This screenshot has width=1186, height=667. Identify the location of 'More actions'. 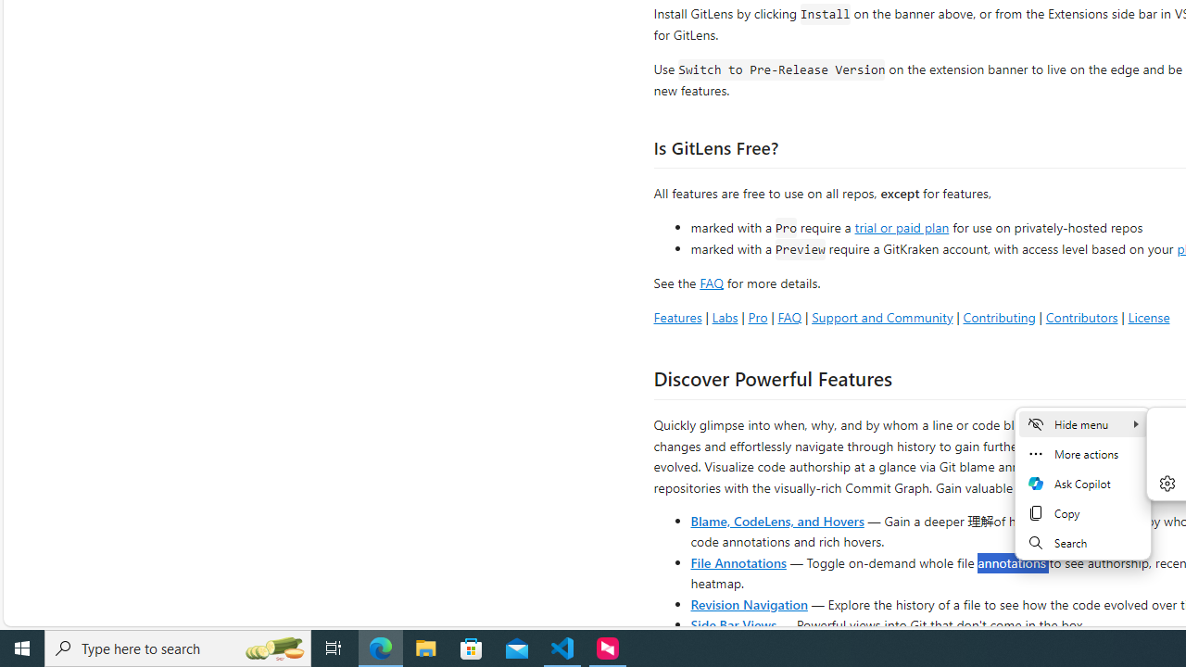
(1082, 453).